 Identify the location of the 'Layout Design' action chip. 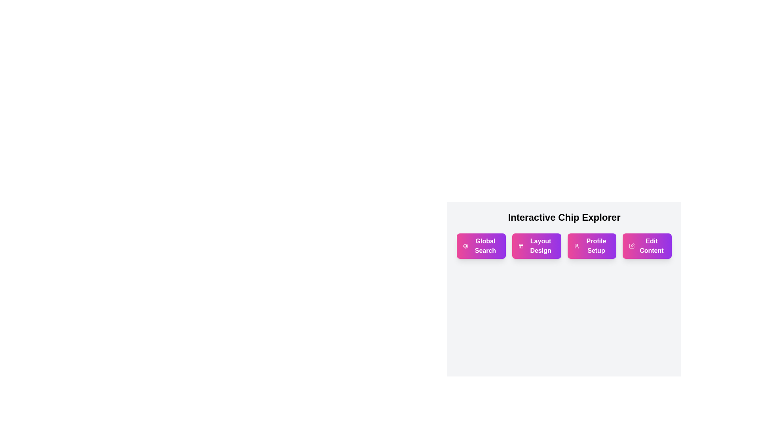
(536, 246).